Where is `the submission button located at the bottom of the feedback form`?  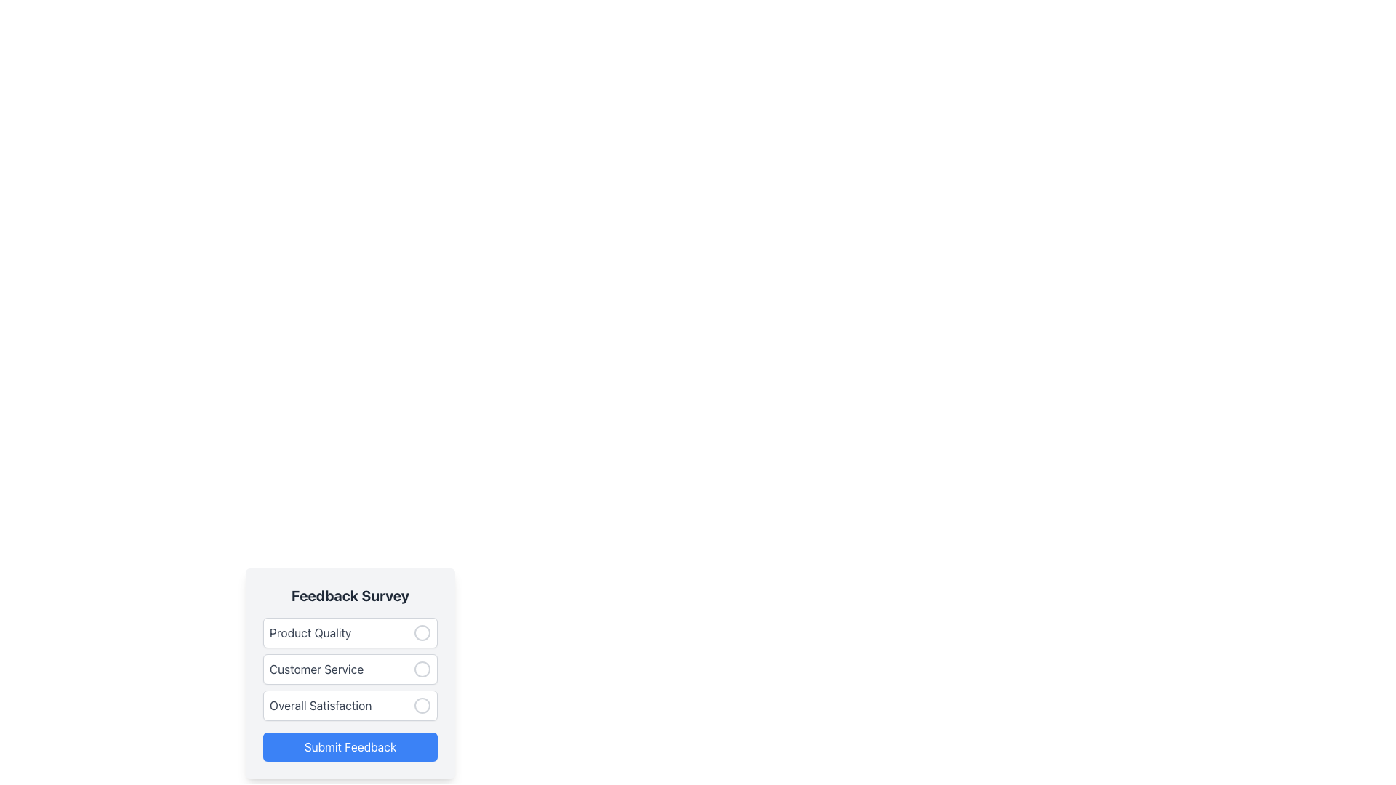
the submission button located at the bottom of the feedback form is located at coordinates (350, 747).